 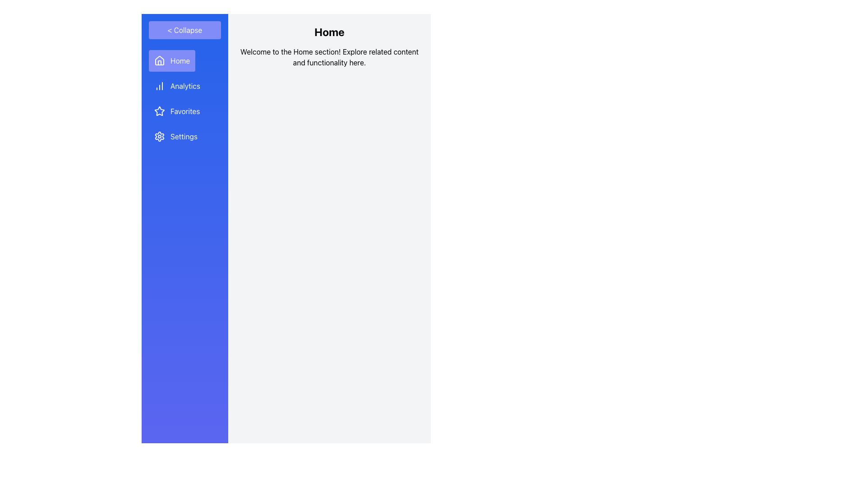 What do you see at coordinates (177, 110) in the screenshot?
I see `the 'Favorites' button in the vertical navigation menu, which features a star icon and is styled with a blue background and rounded edges` at bounding box center [177, 110].